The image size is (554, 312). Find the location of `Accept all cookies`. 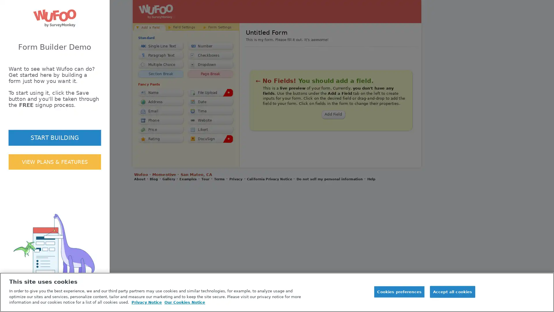

Accept all cookies is located at coordinates (452, 292).